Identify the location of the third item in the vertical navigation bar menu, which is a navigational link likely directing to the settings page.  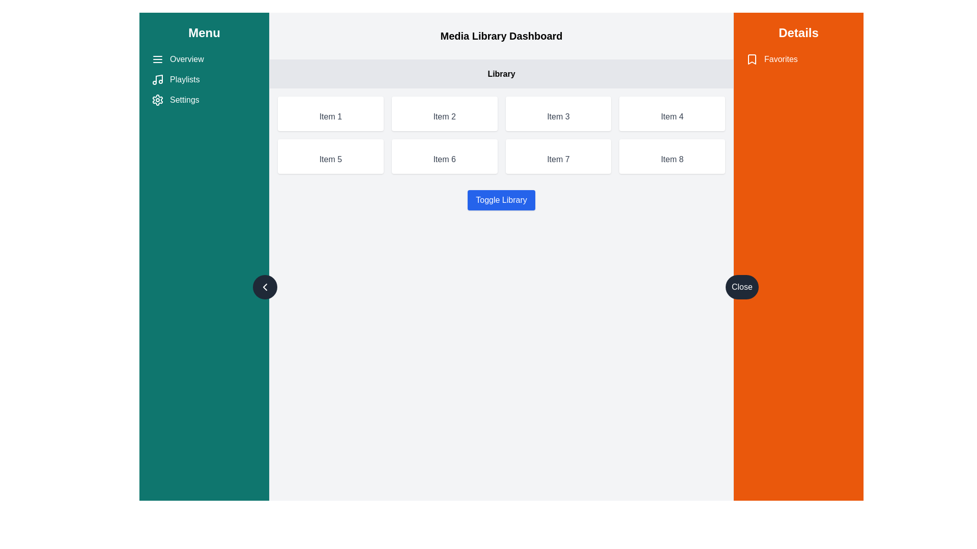
(204, 100).